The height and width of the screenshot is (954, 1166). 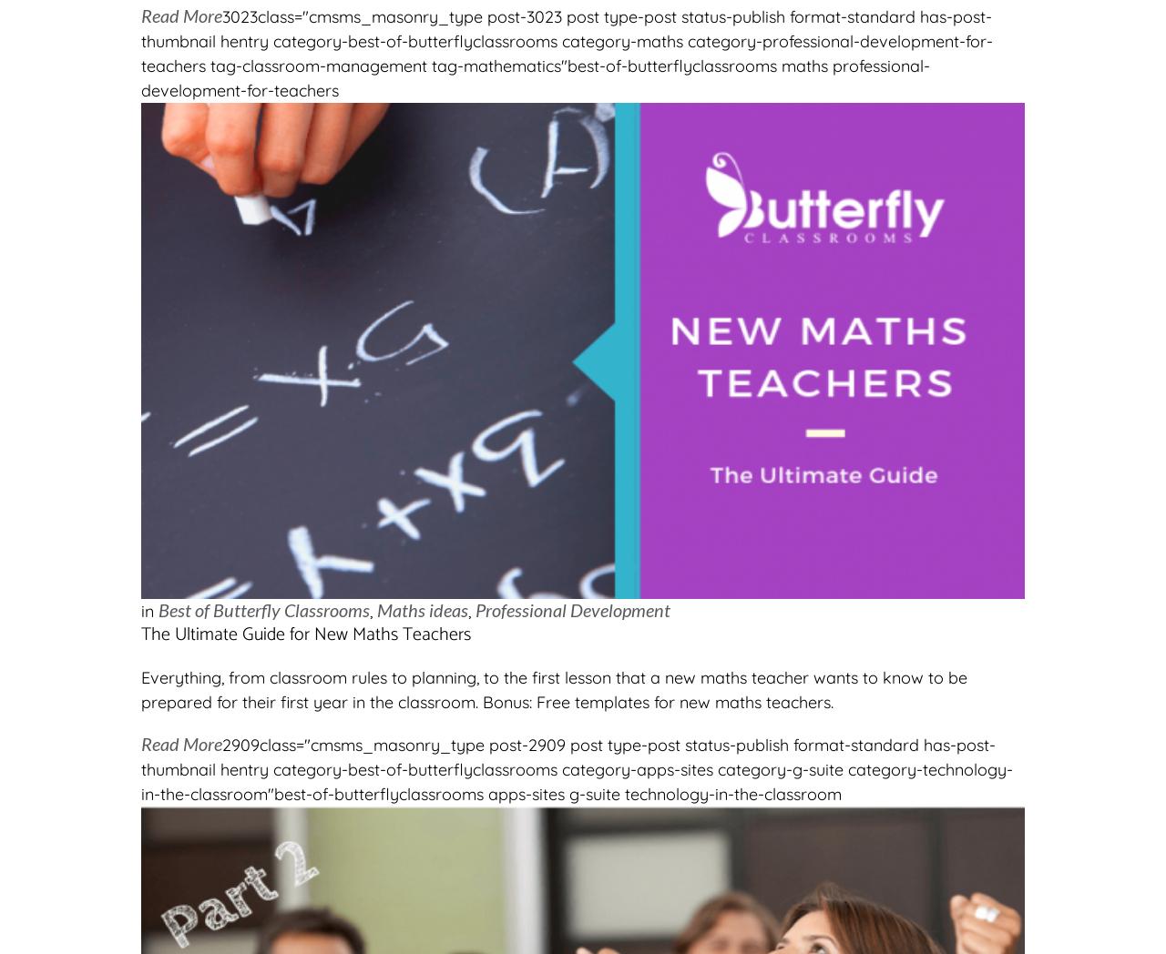 What do you see at coordinates (475, 609) in the screenshot?
I see `'Professional Development'` at bounding box center [475, 609].